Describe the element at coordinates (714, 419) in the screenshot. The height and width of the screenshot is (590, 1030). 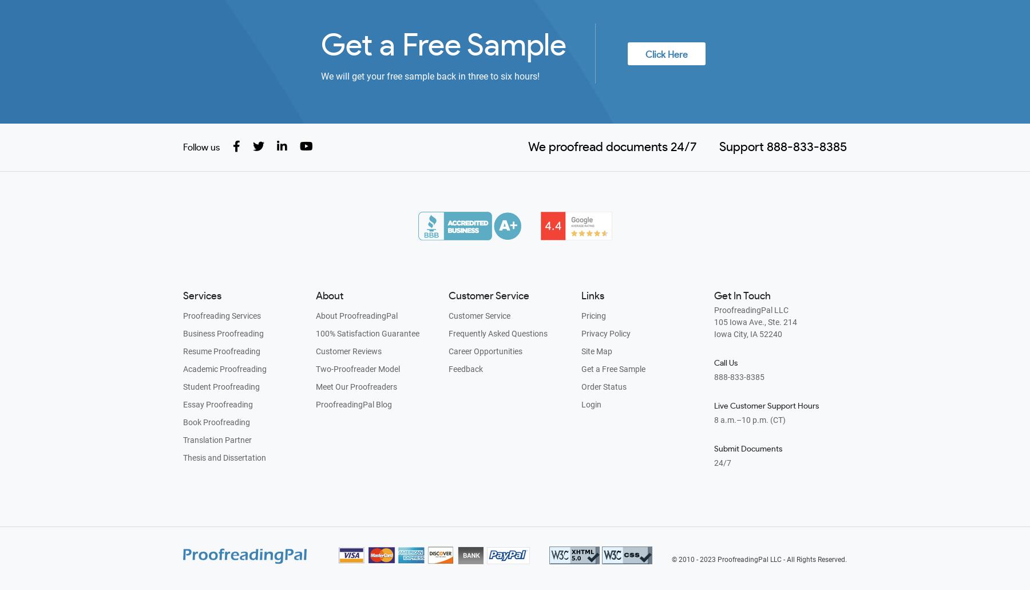
I see `'8 a.m.–10 p.m. (CT)'` at that location.